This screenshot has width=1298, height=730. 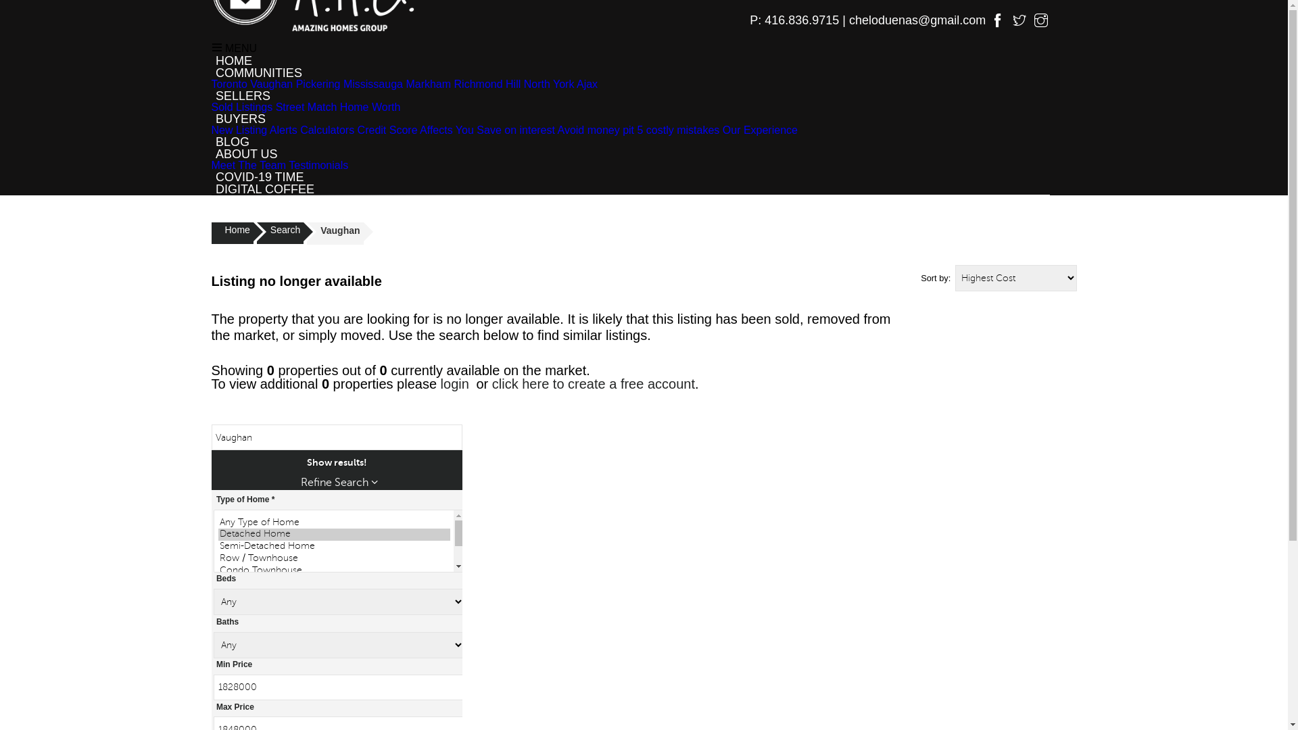 What do you see at coordinates (317, 164) in the screenshot?
I see `'Testimonials'` at bounding box center [317, 164].